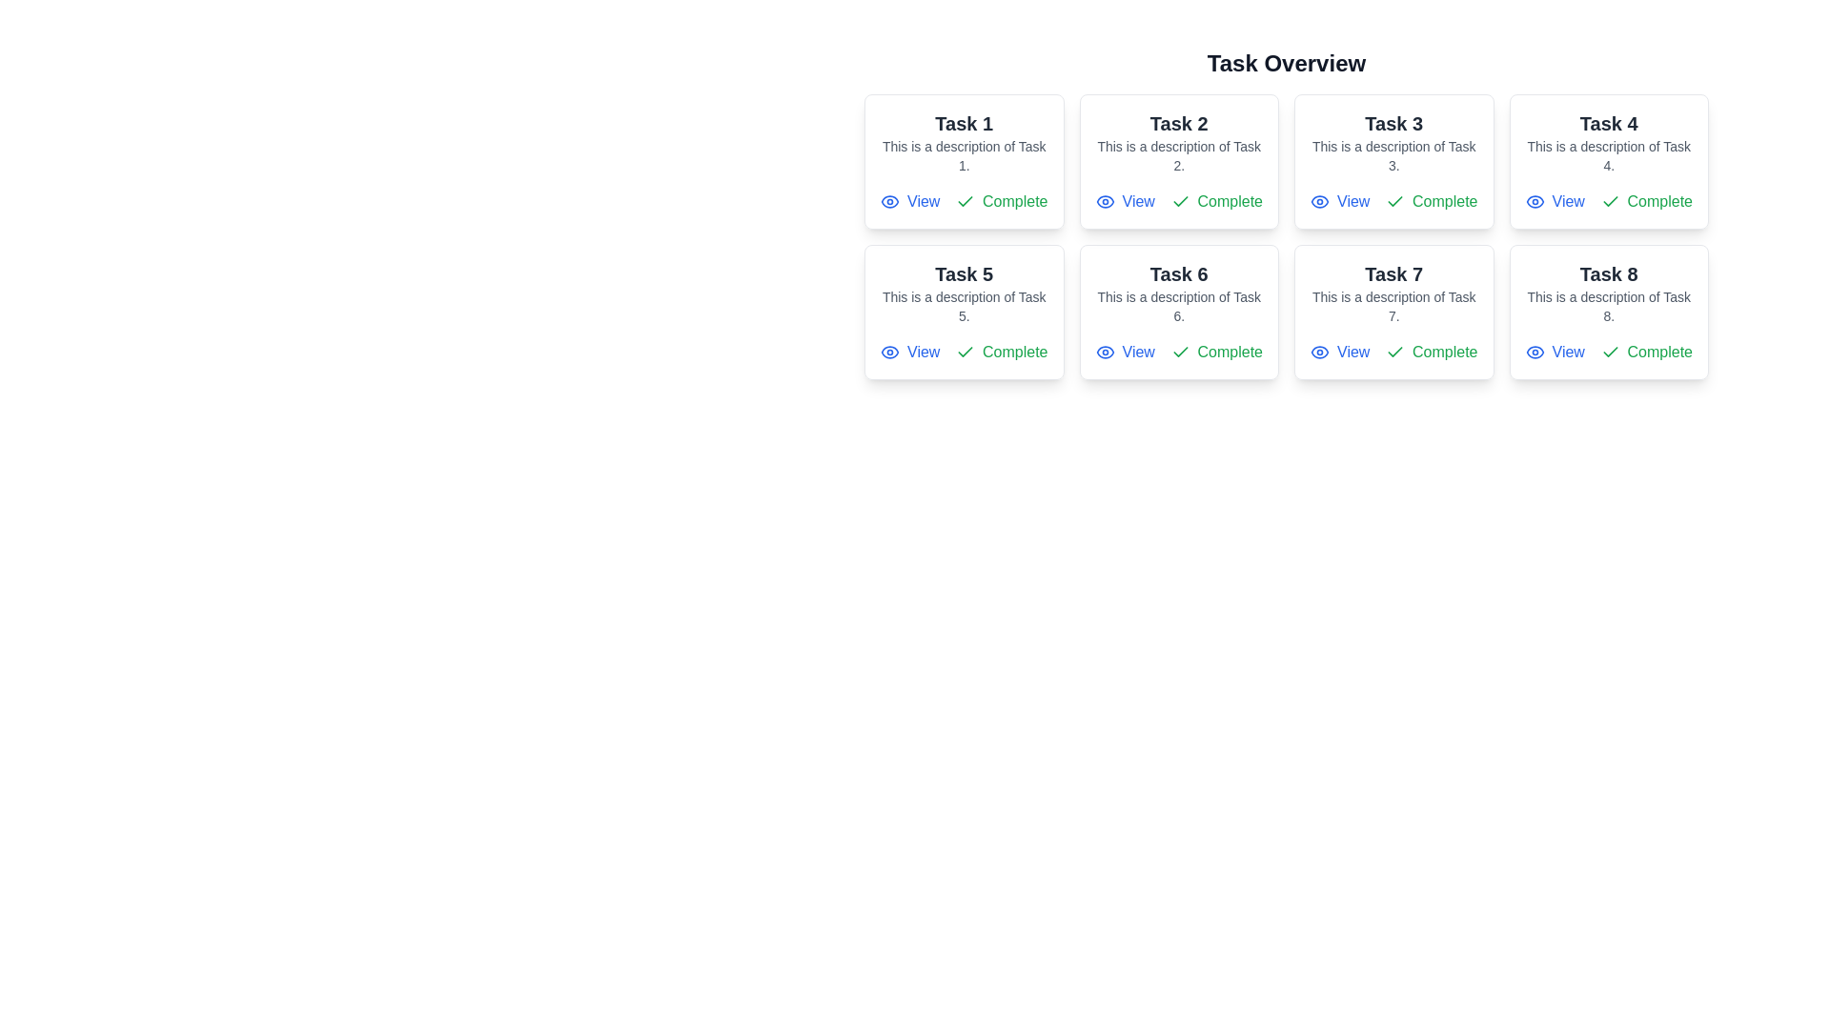 The height and width of the screenshot is (1029, 1830). Describe the element at coordinates (964, 274) in the screenshot. I see `the Text Label displaying the title of 'Task 5' within the task card layout, located at the top of the card in the grid layout` at that location.